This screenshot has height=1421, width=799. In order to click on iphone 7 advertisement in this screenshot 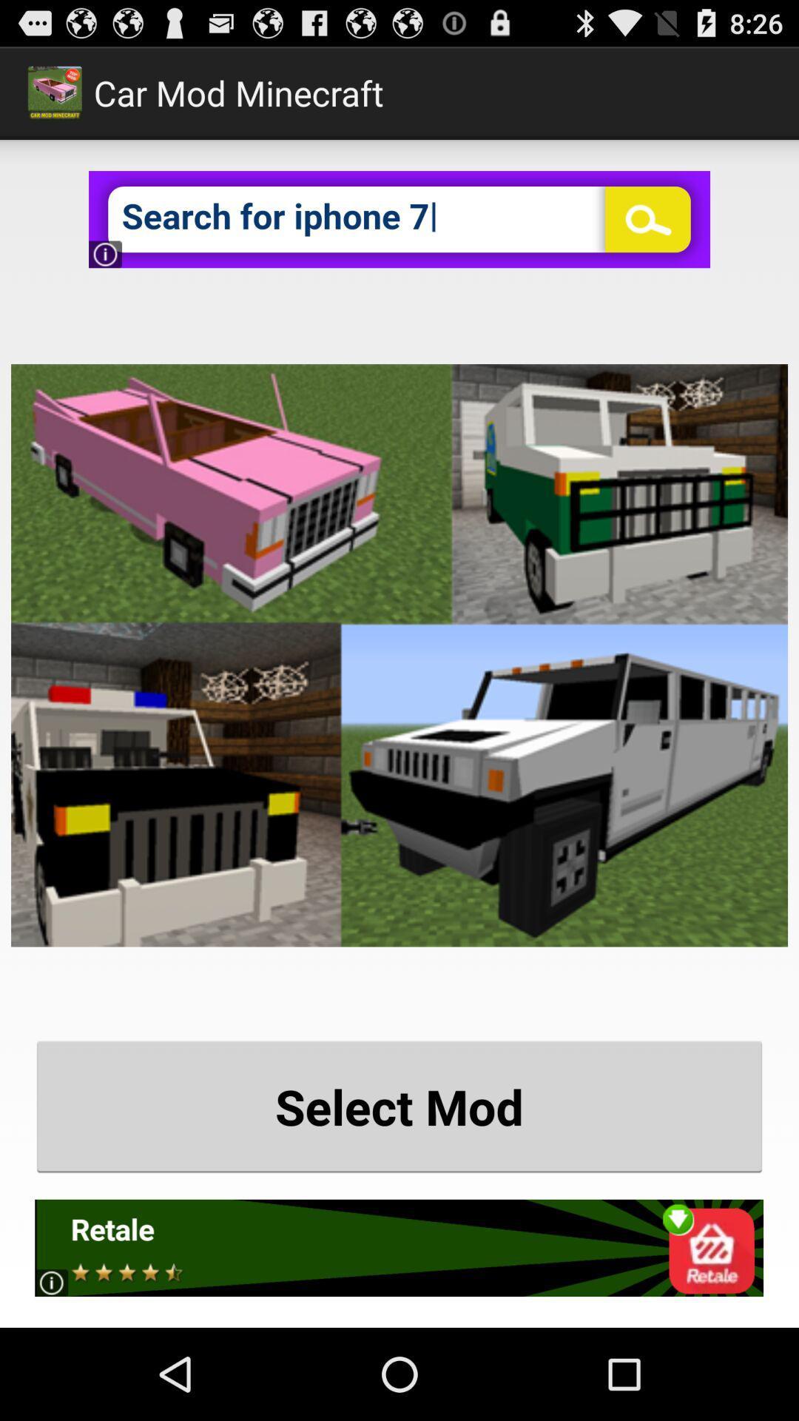, I will do `click(399, 218)`.